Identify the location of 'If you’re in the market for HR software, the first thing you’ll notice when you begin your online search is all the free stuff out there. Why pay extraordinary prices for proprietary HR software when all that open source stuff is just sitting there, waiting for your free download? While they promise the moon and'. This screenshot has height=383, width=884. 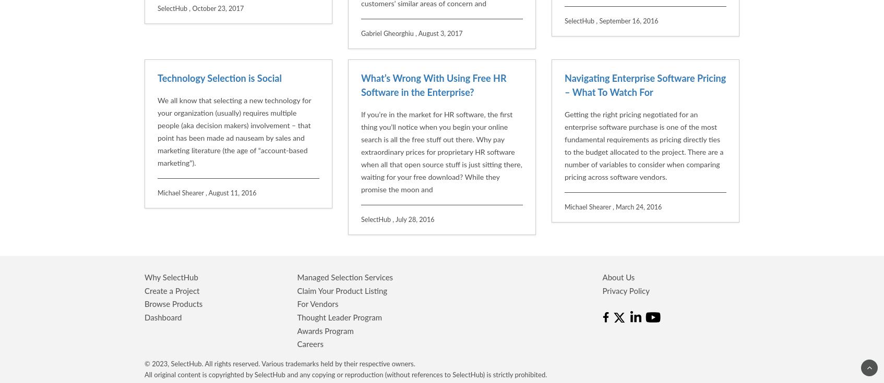
(441, 45).